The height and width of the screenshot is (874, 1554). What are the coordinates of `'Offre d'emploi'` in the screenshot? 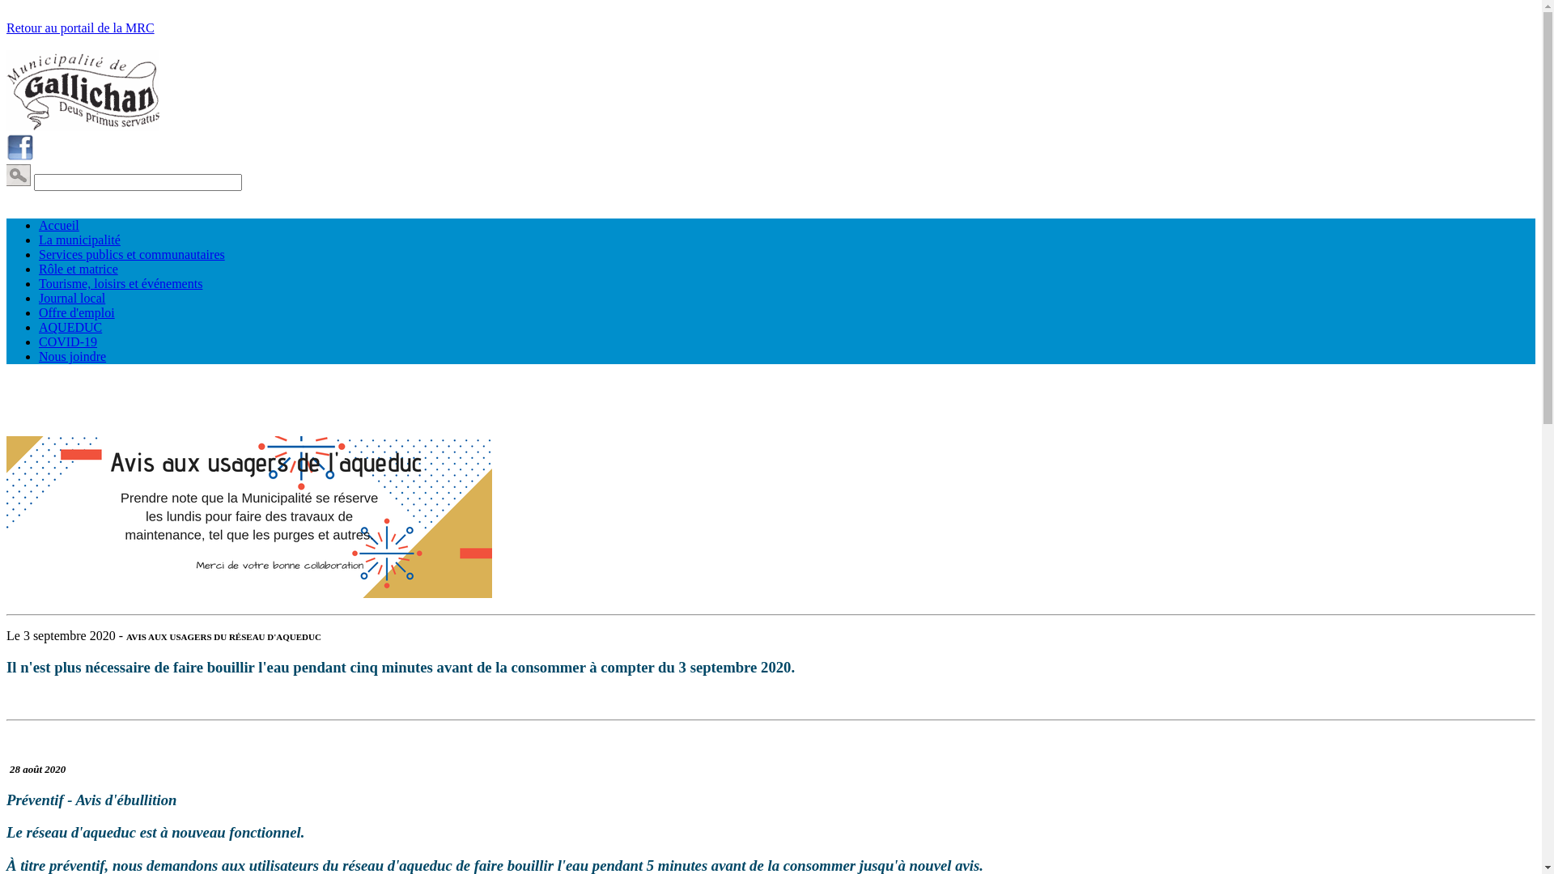 It's located at (76, 312).